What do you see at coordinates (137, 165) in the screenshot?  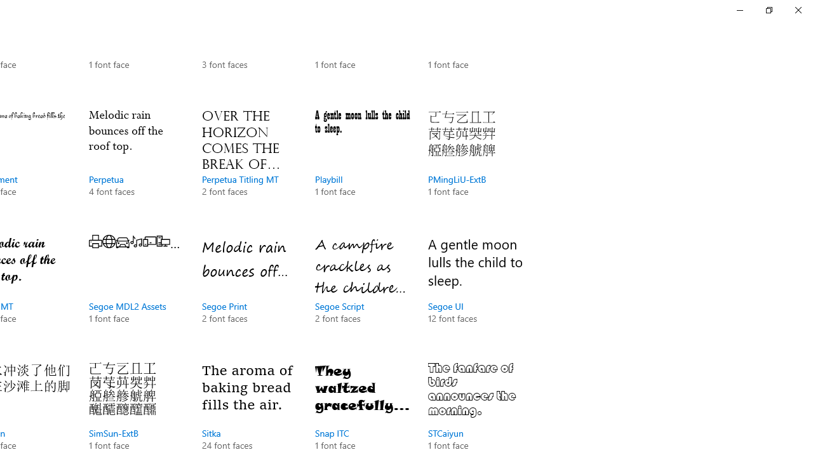 I see `'Perpetua, 4 font faces'` at bounding box center [137, 165].